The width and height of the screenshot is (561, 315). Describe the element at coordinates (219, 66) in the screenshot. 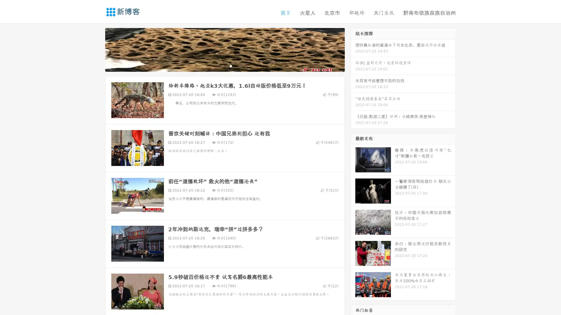

I see `Go to slide 1` at that location.